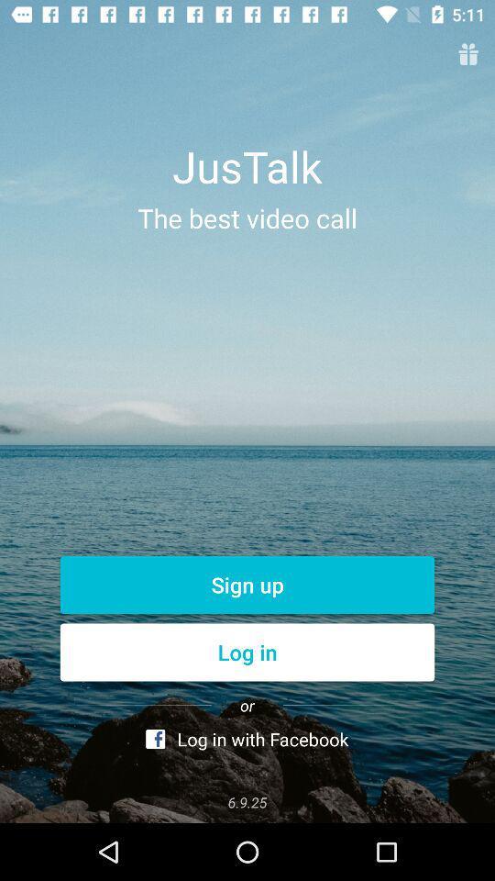 The width and height of the screenshot is (495, 881). I want to click on open gift coupon, so click(468, 54).